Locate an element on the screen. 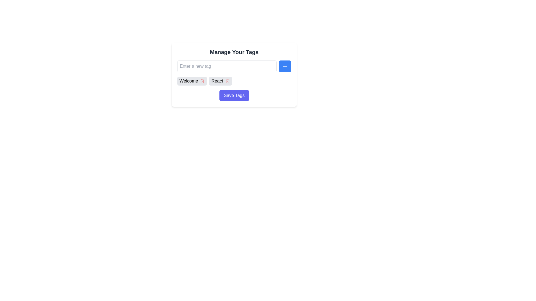 The image size is (536, 301). the red trash icon on the 'React' tag is located at coordinates (220, 81).